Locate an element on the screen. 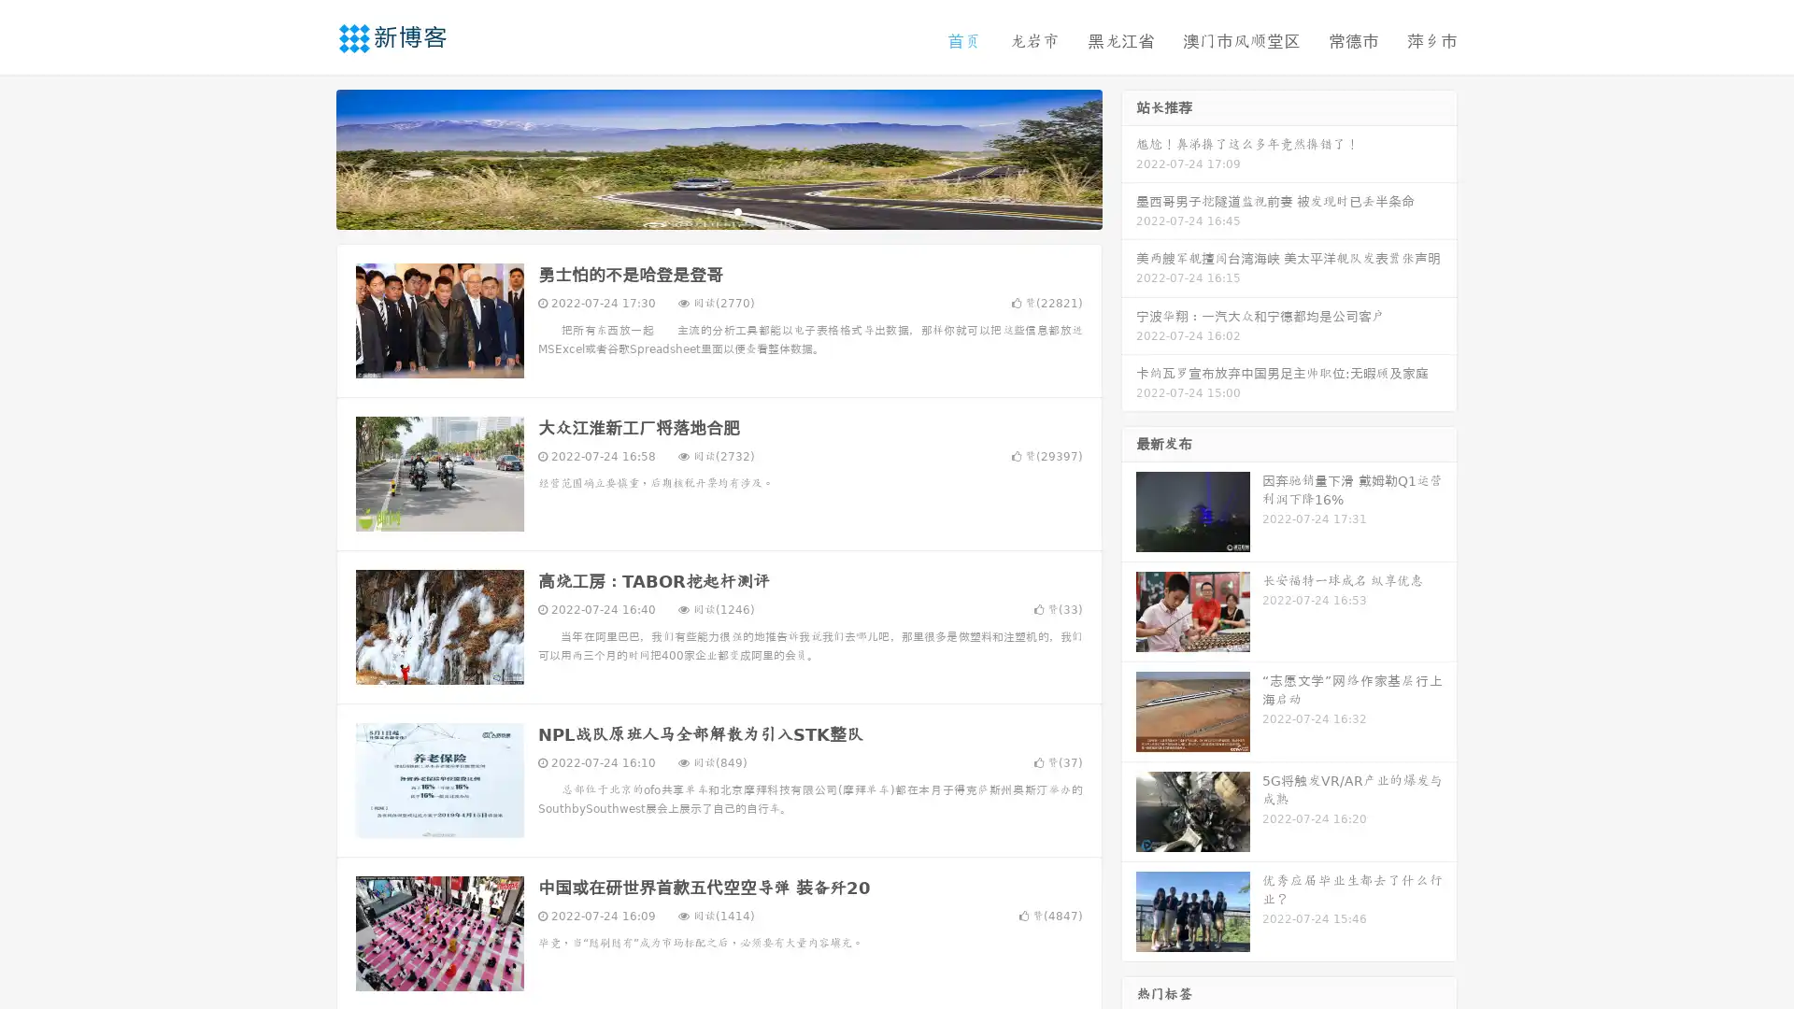  Go to slide 1 is located at coordinates (699, 210).